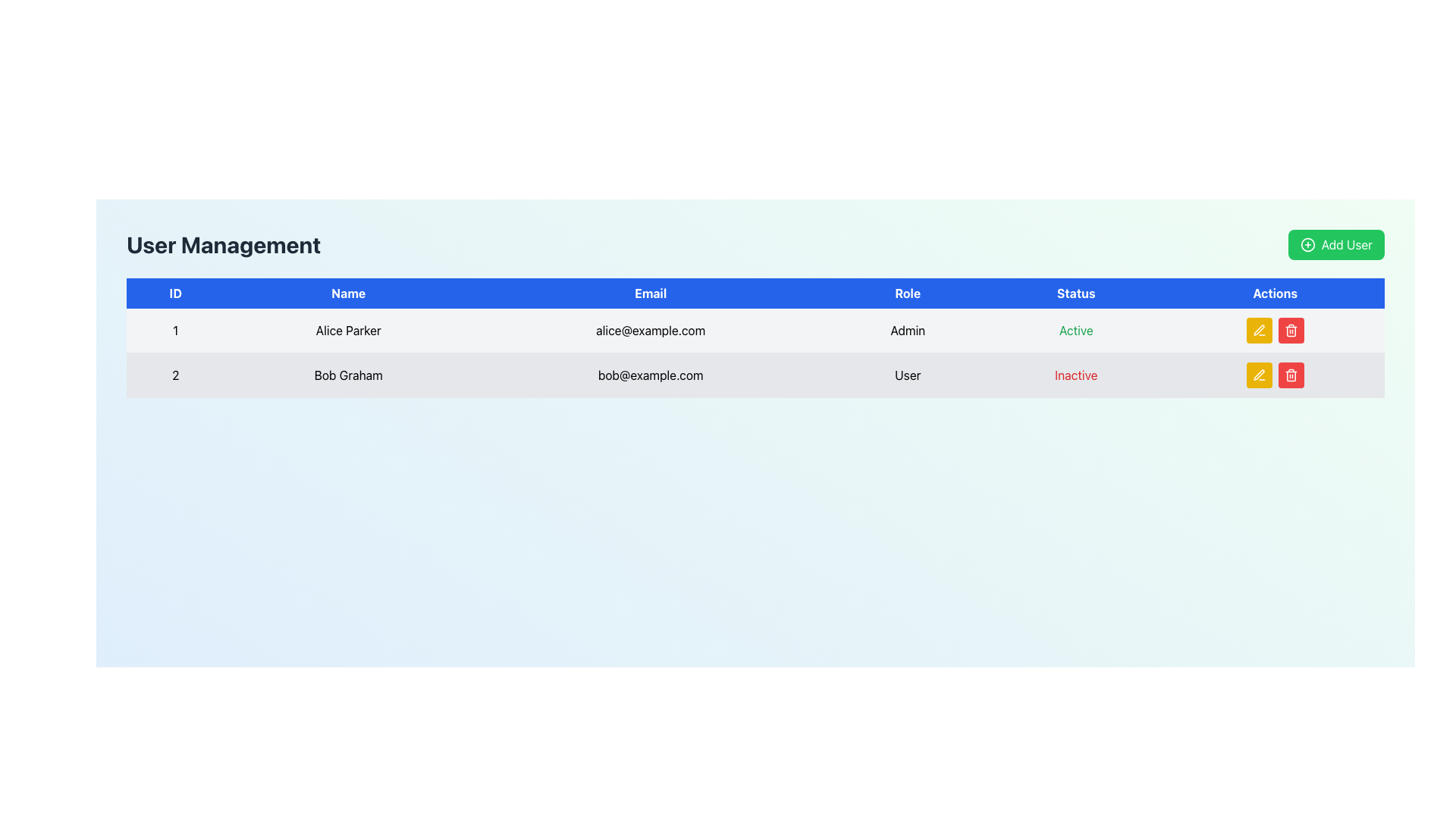  I want to click on keyboard navigation, so click(1290, 329).